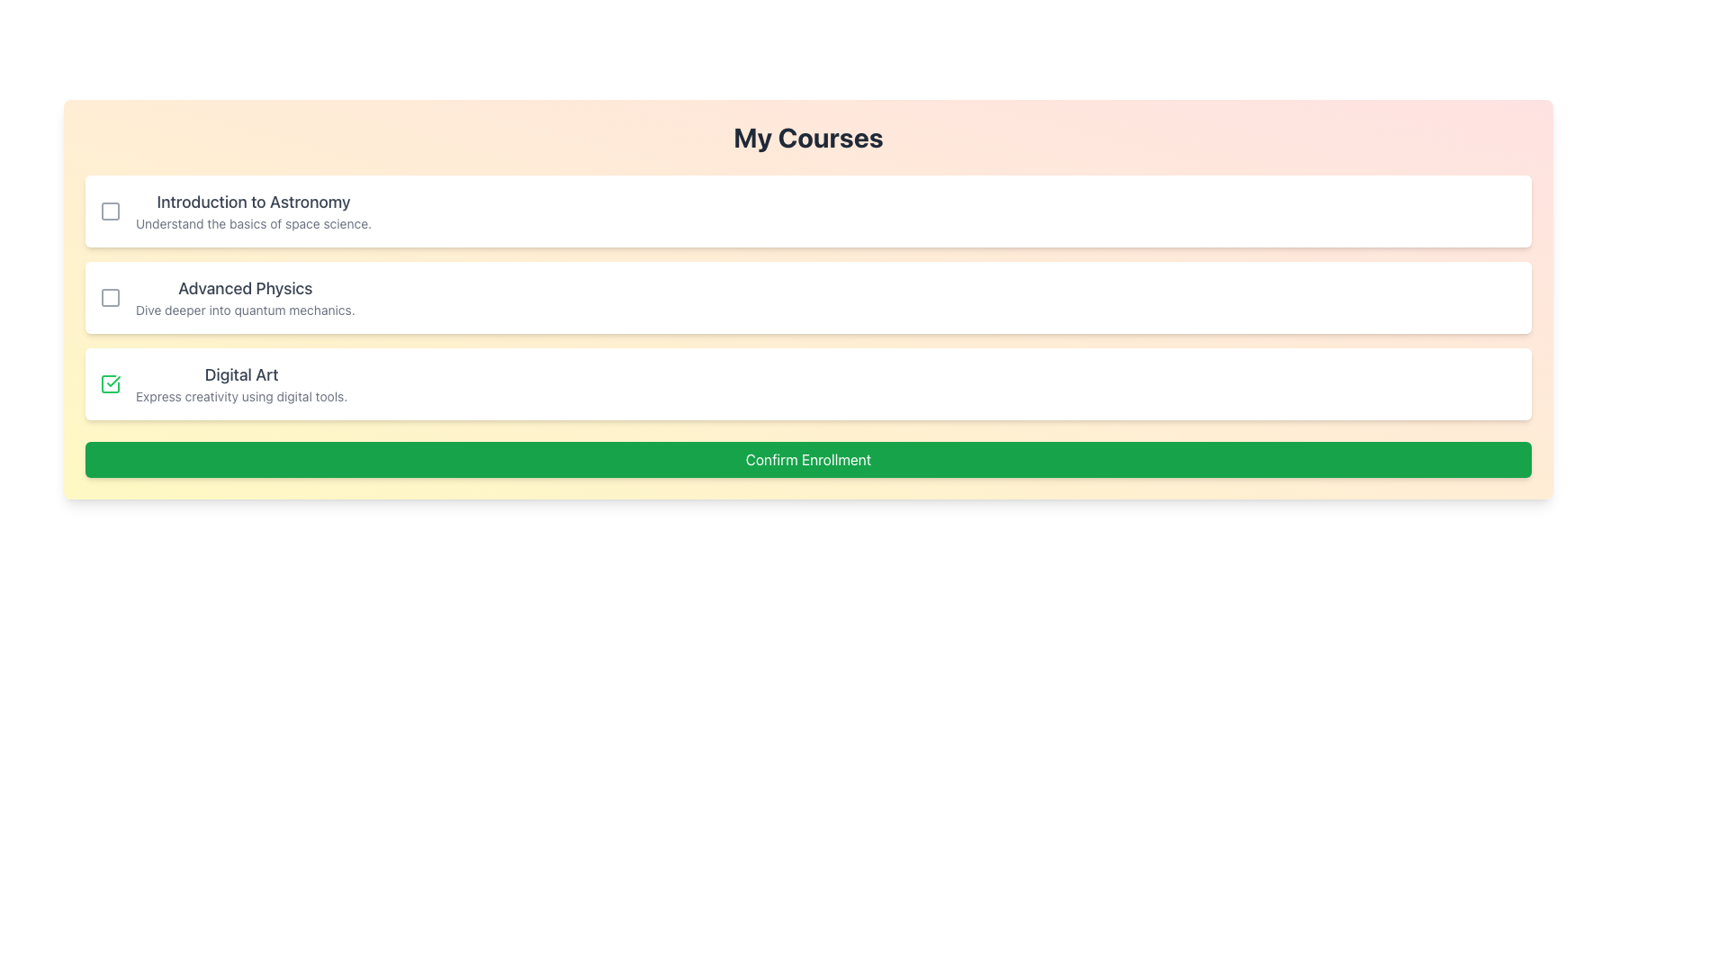 The image size is (1728, 972). I want to click on first line of the text block titled 'Digital Art' which is prominently displayed as a heading in the 'My Courses' section, so click(240, 383).